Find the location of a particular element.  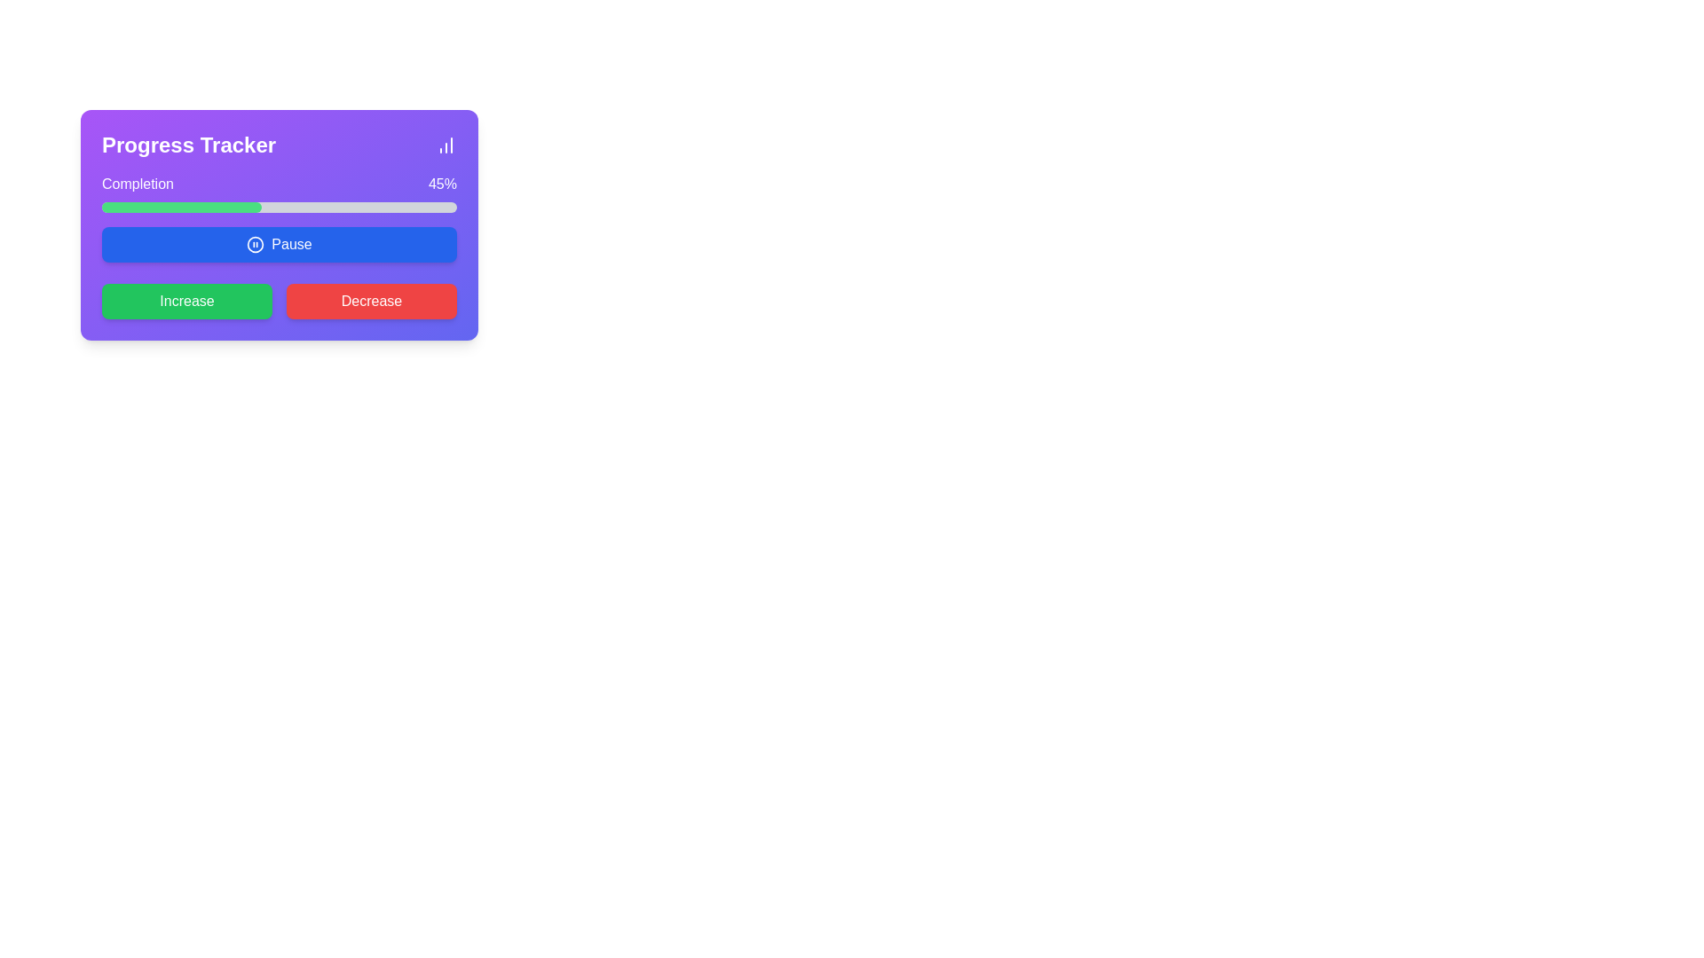

the 'Pause' button by clicking on its icon, which is located to the left of the text within the button is located at coordinates (255, 245).